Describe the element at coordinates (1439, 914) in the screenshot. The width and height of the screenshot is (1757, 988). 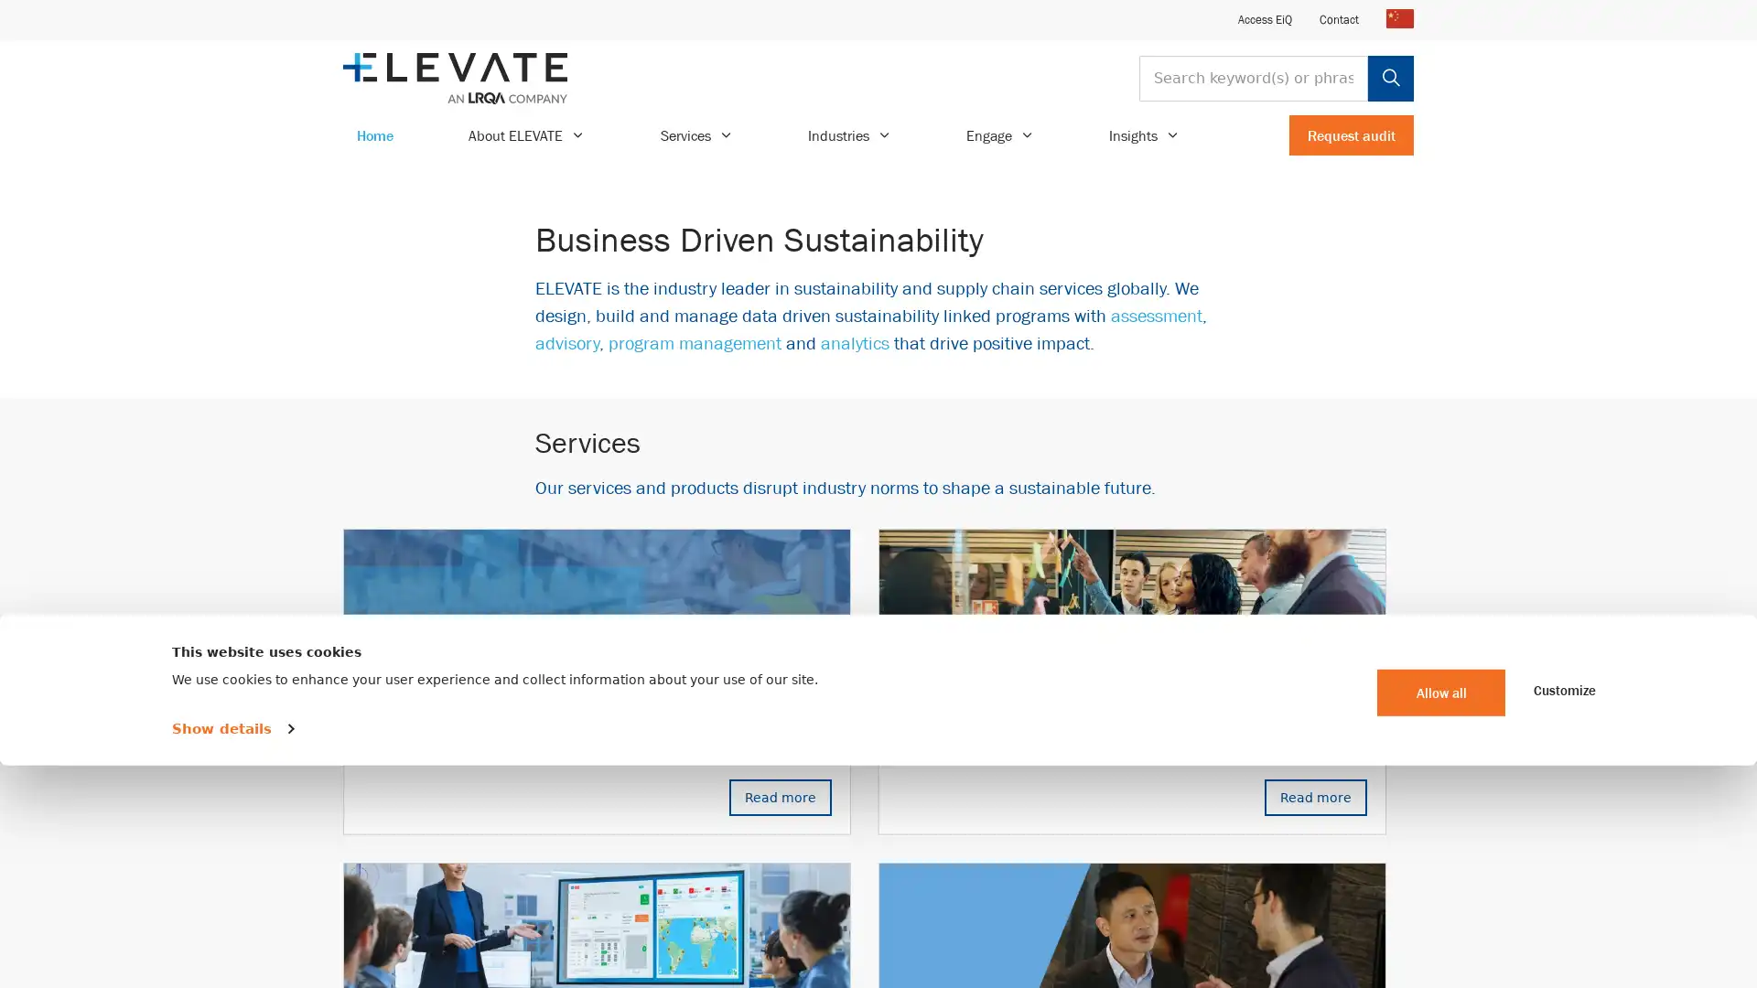
I see `Allow all` at that location.